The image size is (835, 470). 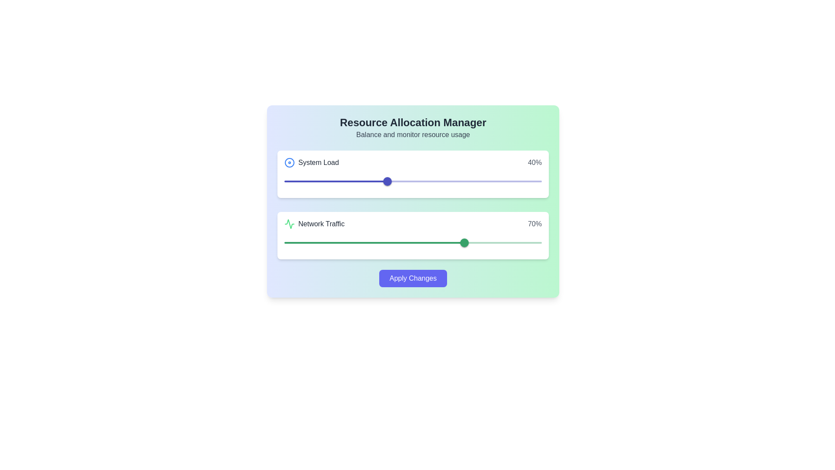 I want to click on the slider value, so click(x=464, y=243).